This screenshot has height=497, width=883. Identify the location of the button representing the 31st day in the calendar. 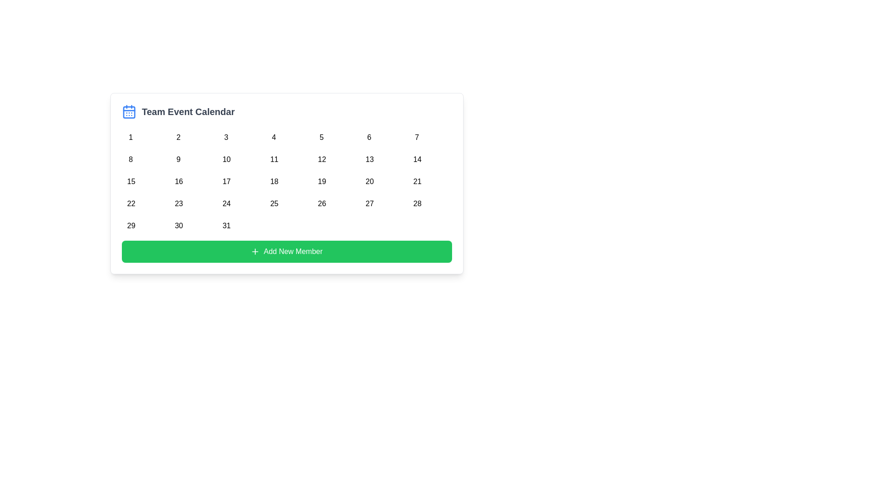
(226, 224).